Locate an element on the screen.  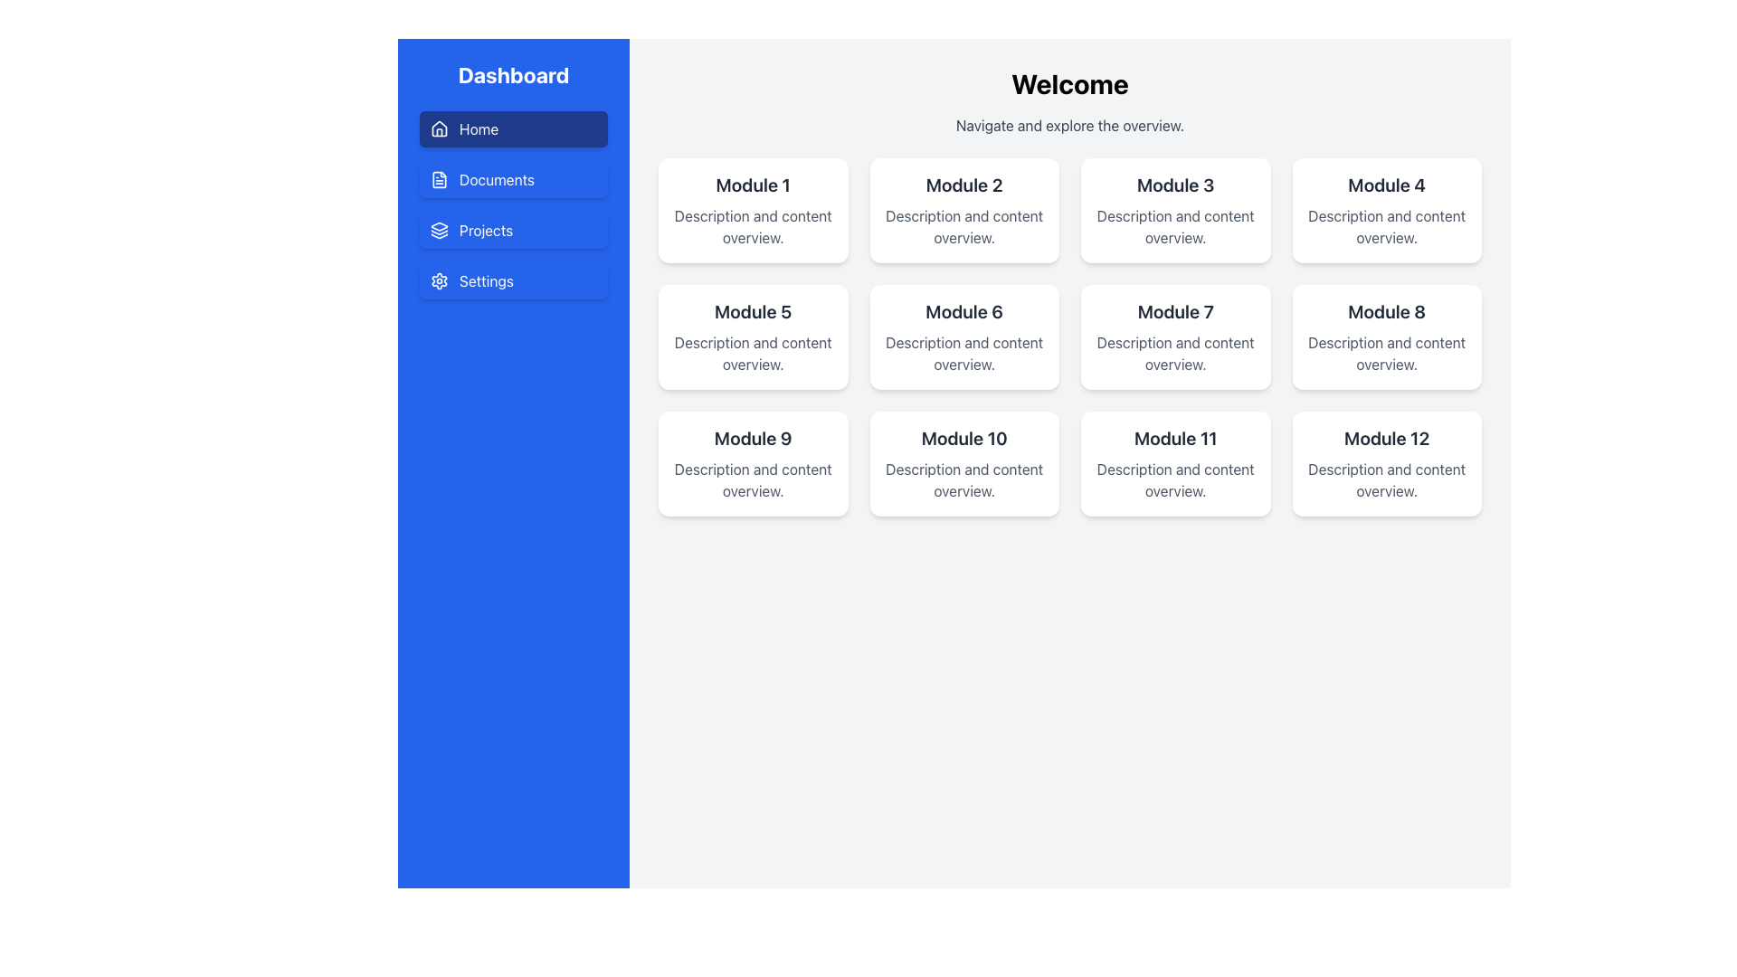
the non-interactive Text content label that displays information related to 'Module 1', located below the title 'Module 1' and centered within the module card is located at coordinates (753, 225).